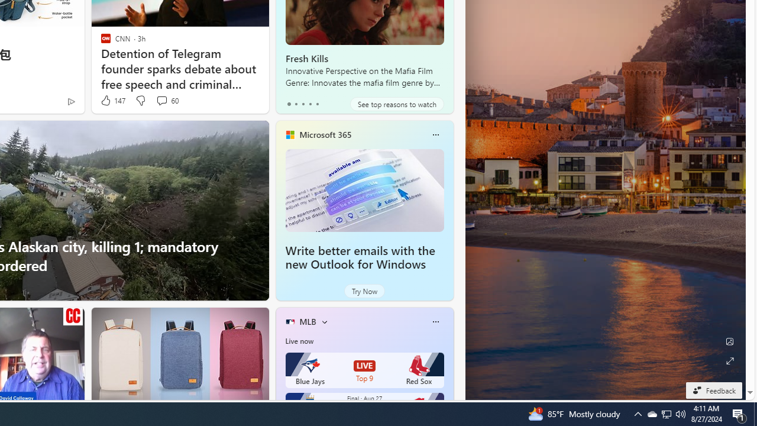 This screenshot has height=426, width=757. What do you see at coordinates (729, 360) in the screenshot?
I see `'Expand background'` at bounding box center [729, 360].